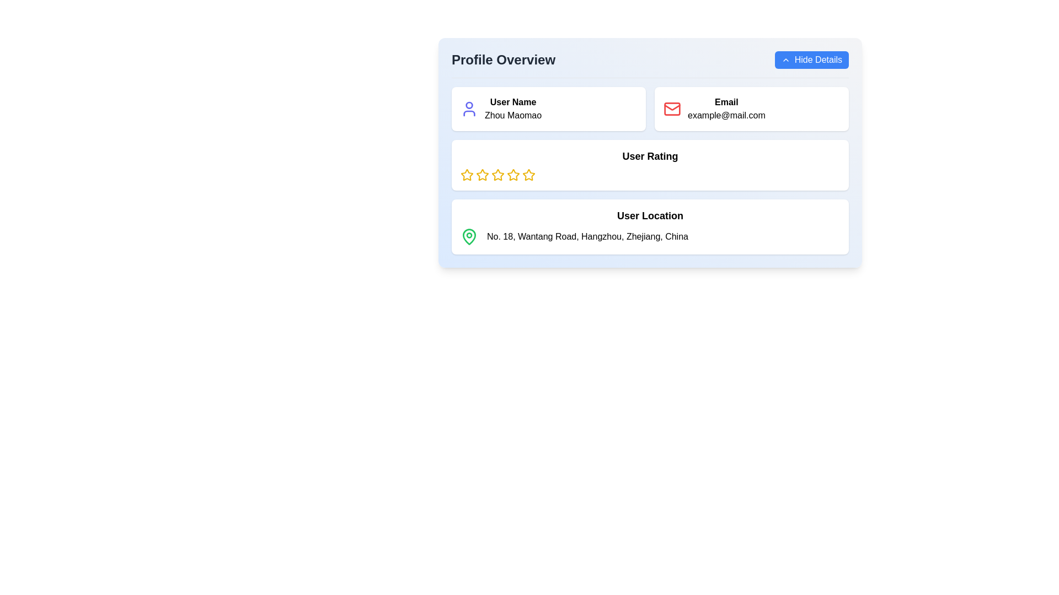 The height and width of the screenshot is (595, 1059). Describe the element at coordinates (785, 59) in the screenshot. I see `the small upward-pointing chevron icon, which is located on the left side of the 'Hide Details' button in the top-right corner of the section, to trigger potential visual feedback` at that location.